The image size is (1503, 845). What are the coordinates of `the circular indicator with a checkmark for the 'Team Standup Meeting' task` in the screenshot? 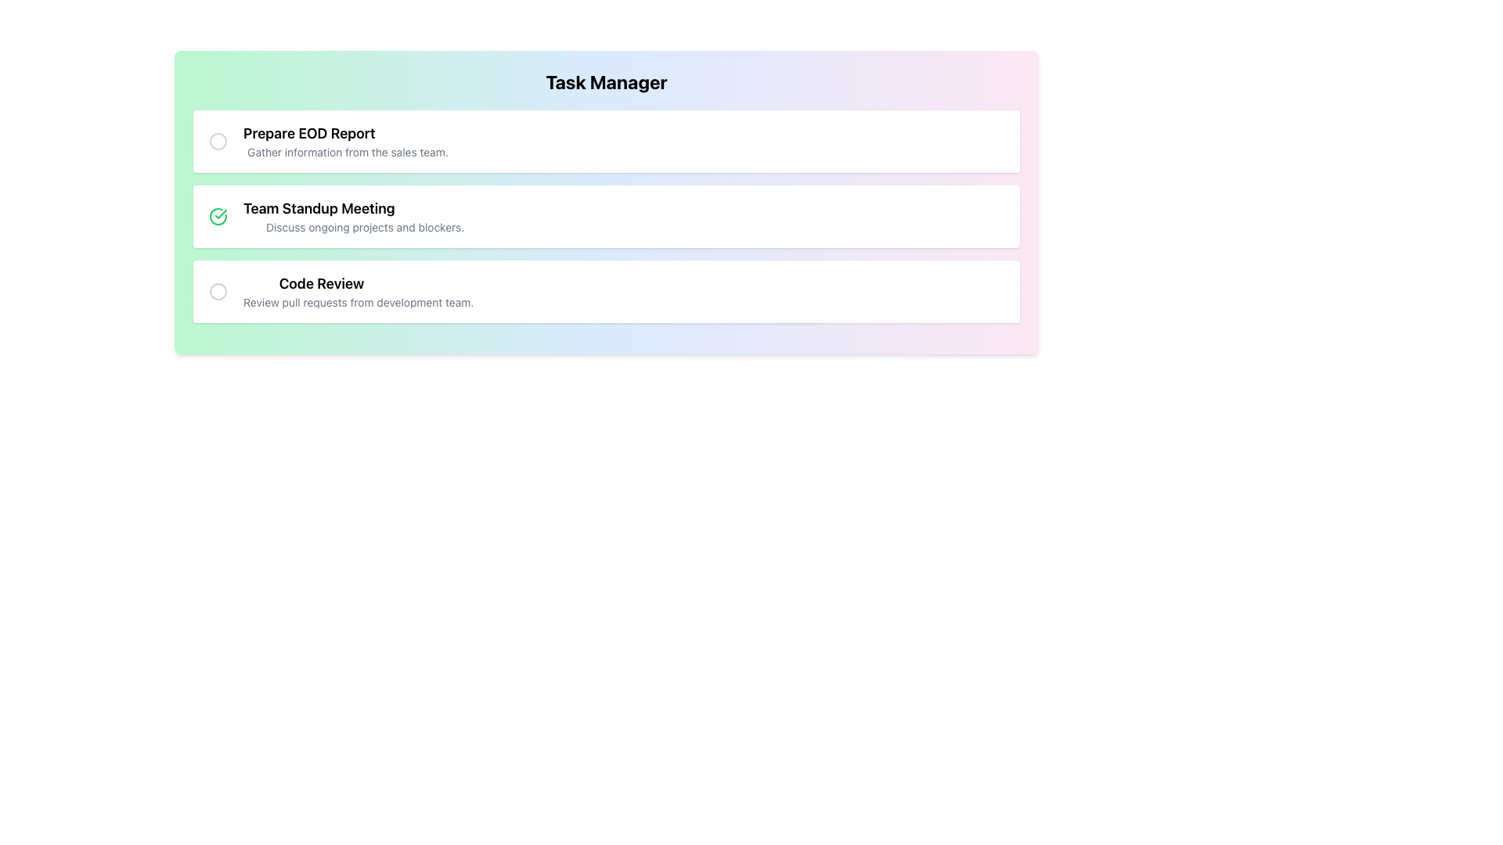 It's located at (217, 217).